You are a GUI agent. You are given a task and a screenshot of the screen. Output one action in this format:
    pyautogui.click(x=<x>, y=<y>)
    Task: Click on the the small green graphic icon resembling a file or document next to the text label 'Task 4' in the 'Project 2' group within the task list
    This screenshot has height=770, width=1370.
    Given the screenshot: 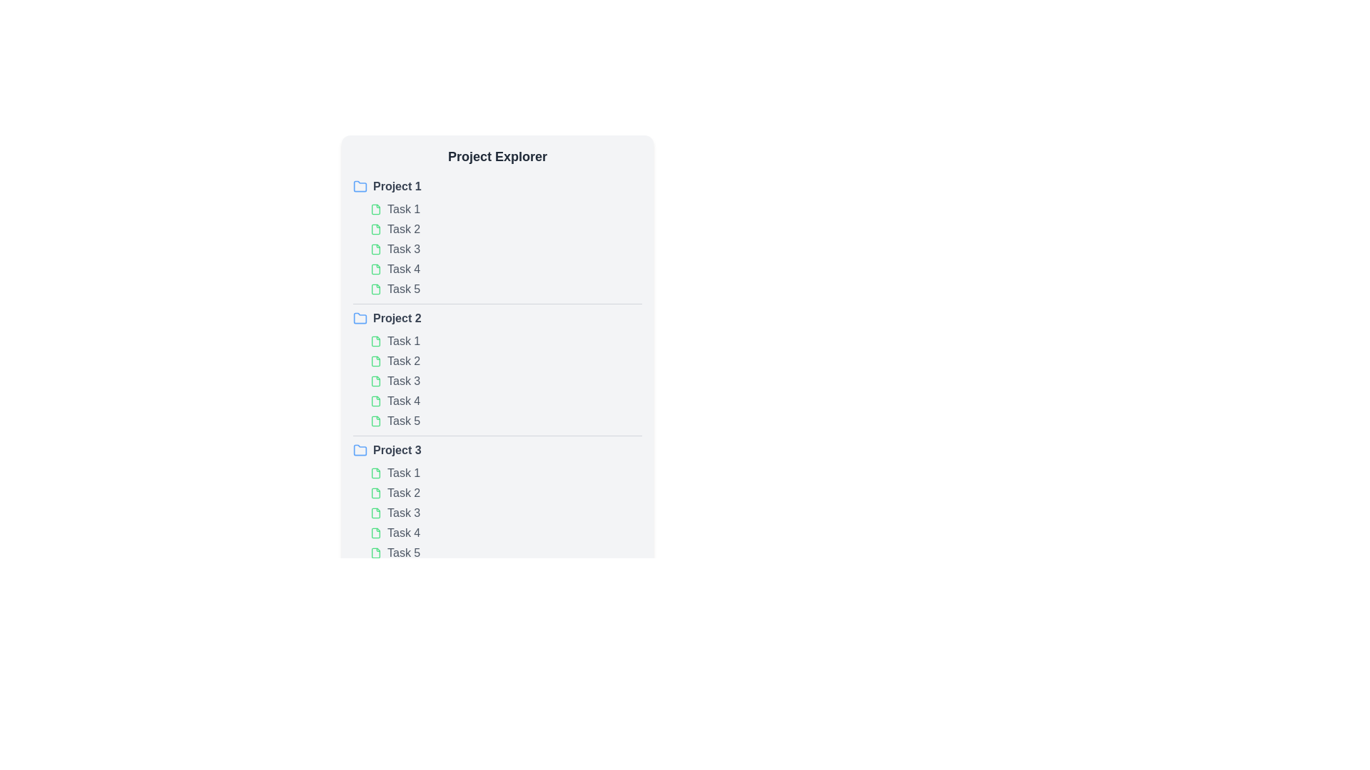 What is the action you would take?
    pyautogui.click(x=376, y=401)
    